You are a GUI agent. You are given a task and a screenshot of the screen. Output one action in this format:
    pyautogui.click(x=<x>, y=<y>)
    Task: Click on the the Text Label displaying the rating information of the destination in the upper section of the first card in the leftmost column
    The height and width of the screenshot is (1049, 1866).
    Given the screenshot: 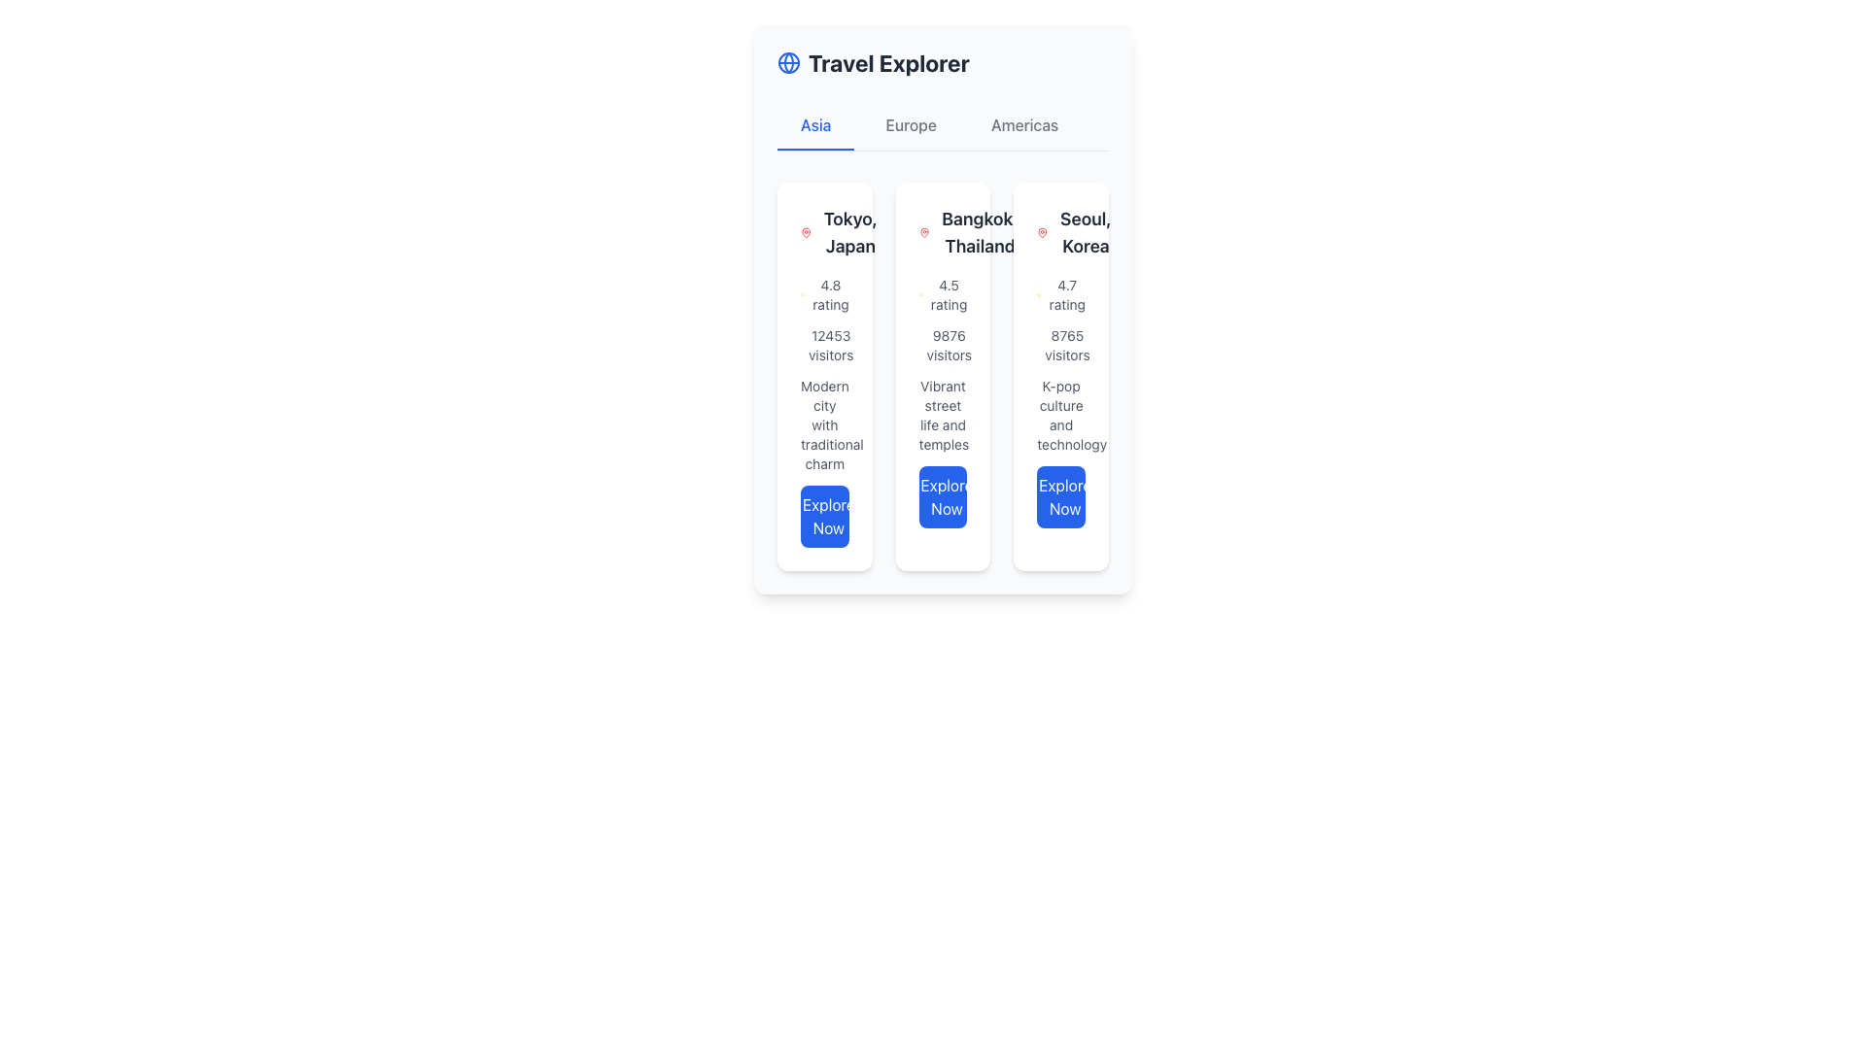 What is the action you would take?
    pyautogui.click(x=830, y=295)
    